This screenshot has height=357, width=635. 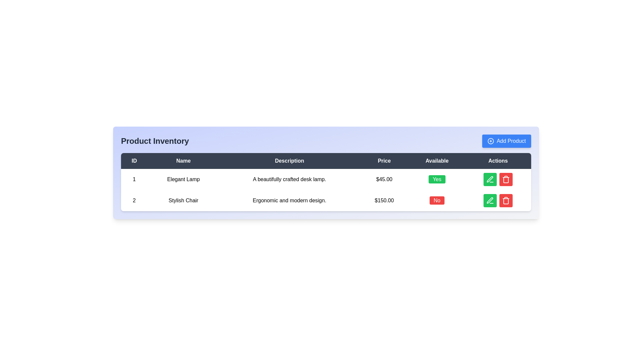 I want to click on status of the 'Yes' button-like label with a green background and white text located in the 'Available' column of the first row in a table, so click(x=437, y=179).